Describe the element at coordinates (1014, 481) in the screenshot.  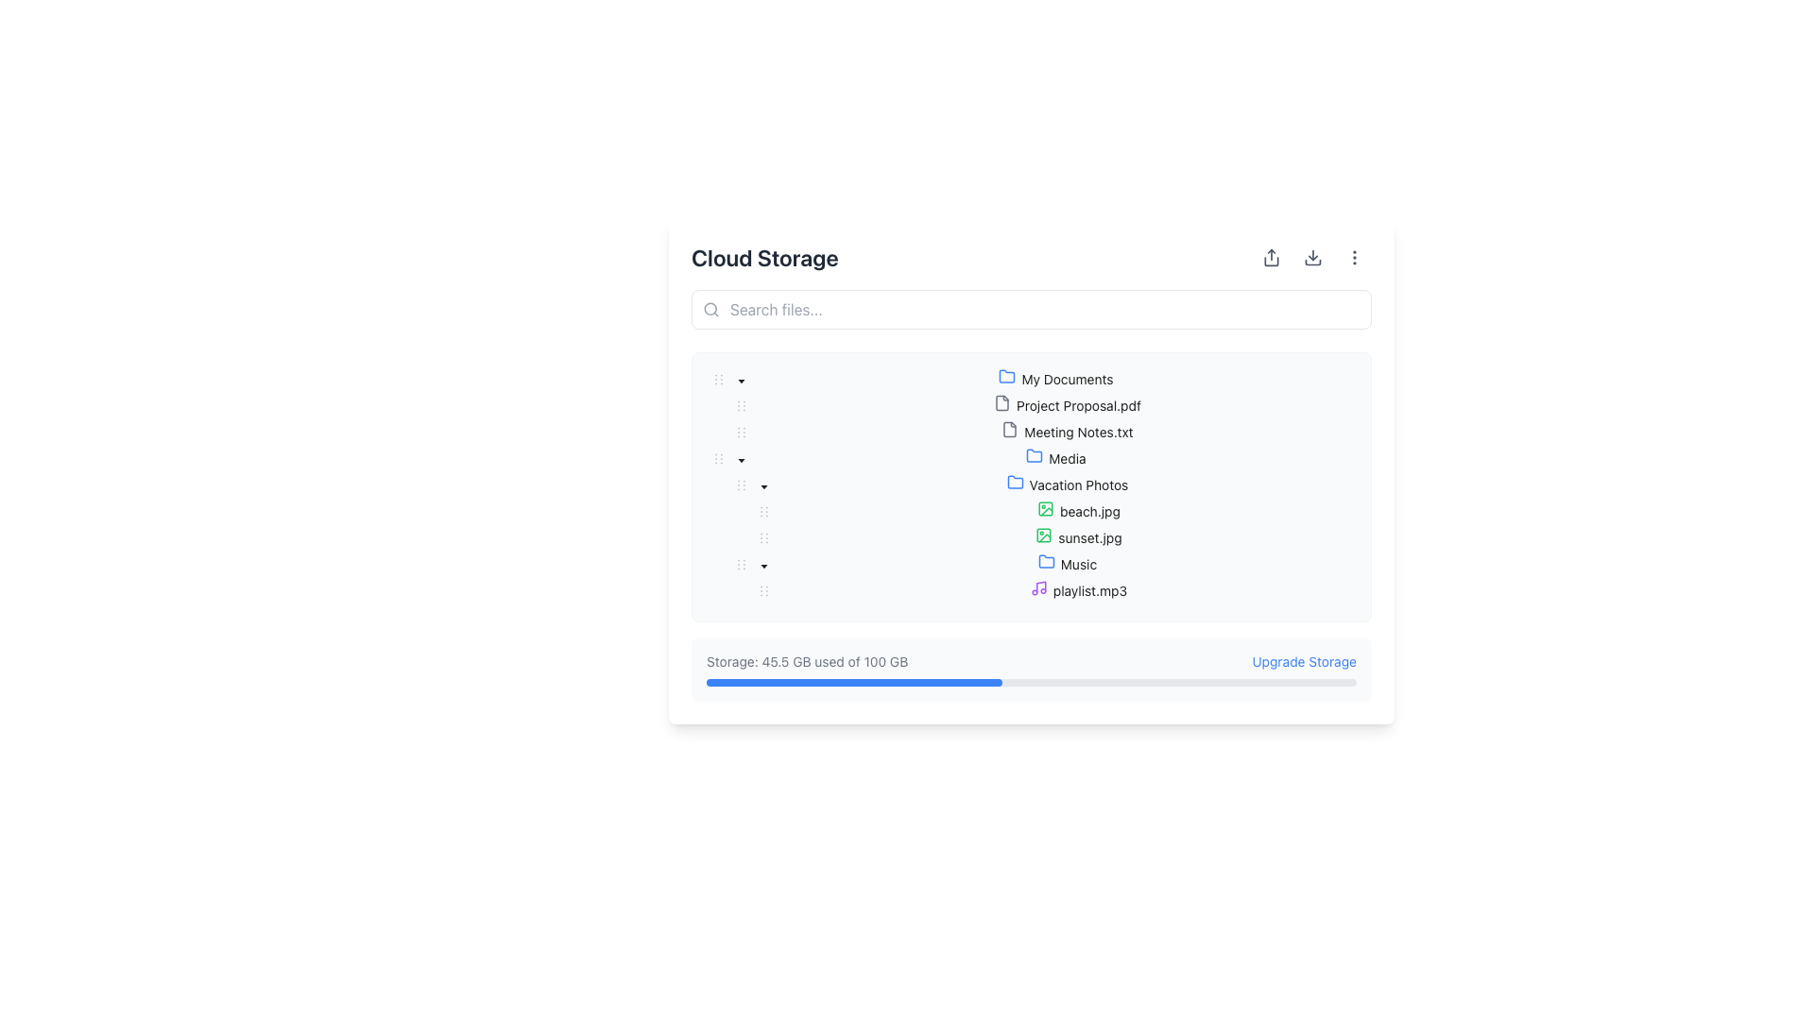
I see `the folder icon representing 'Vacation Photos' in the 'Cloud Storage' interface to interact with its enclosing label or` at that location.